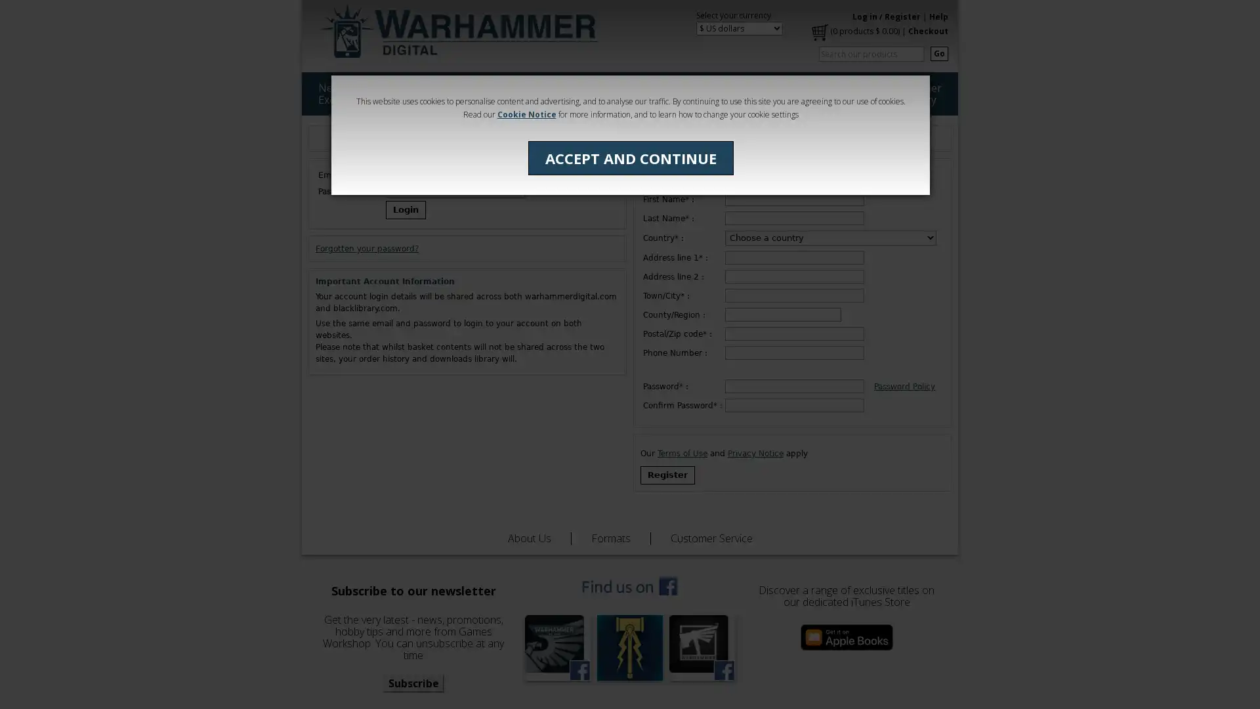  What do you see at coordinates (938, 53) in the screenshot?
I see `Go` at bounding box center [938, 53].